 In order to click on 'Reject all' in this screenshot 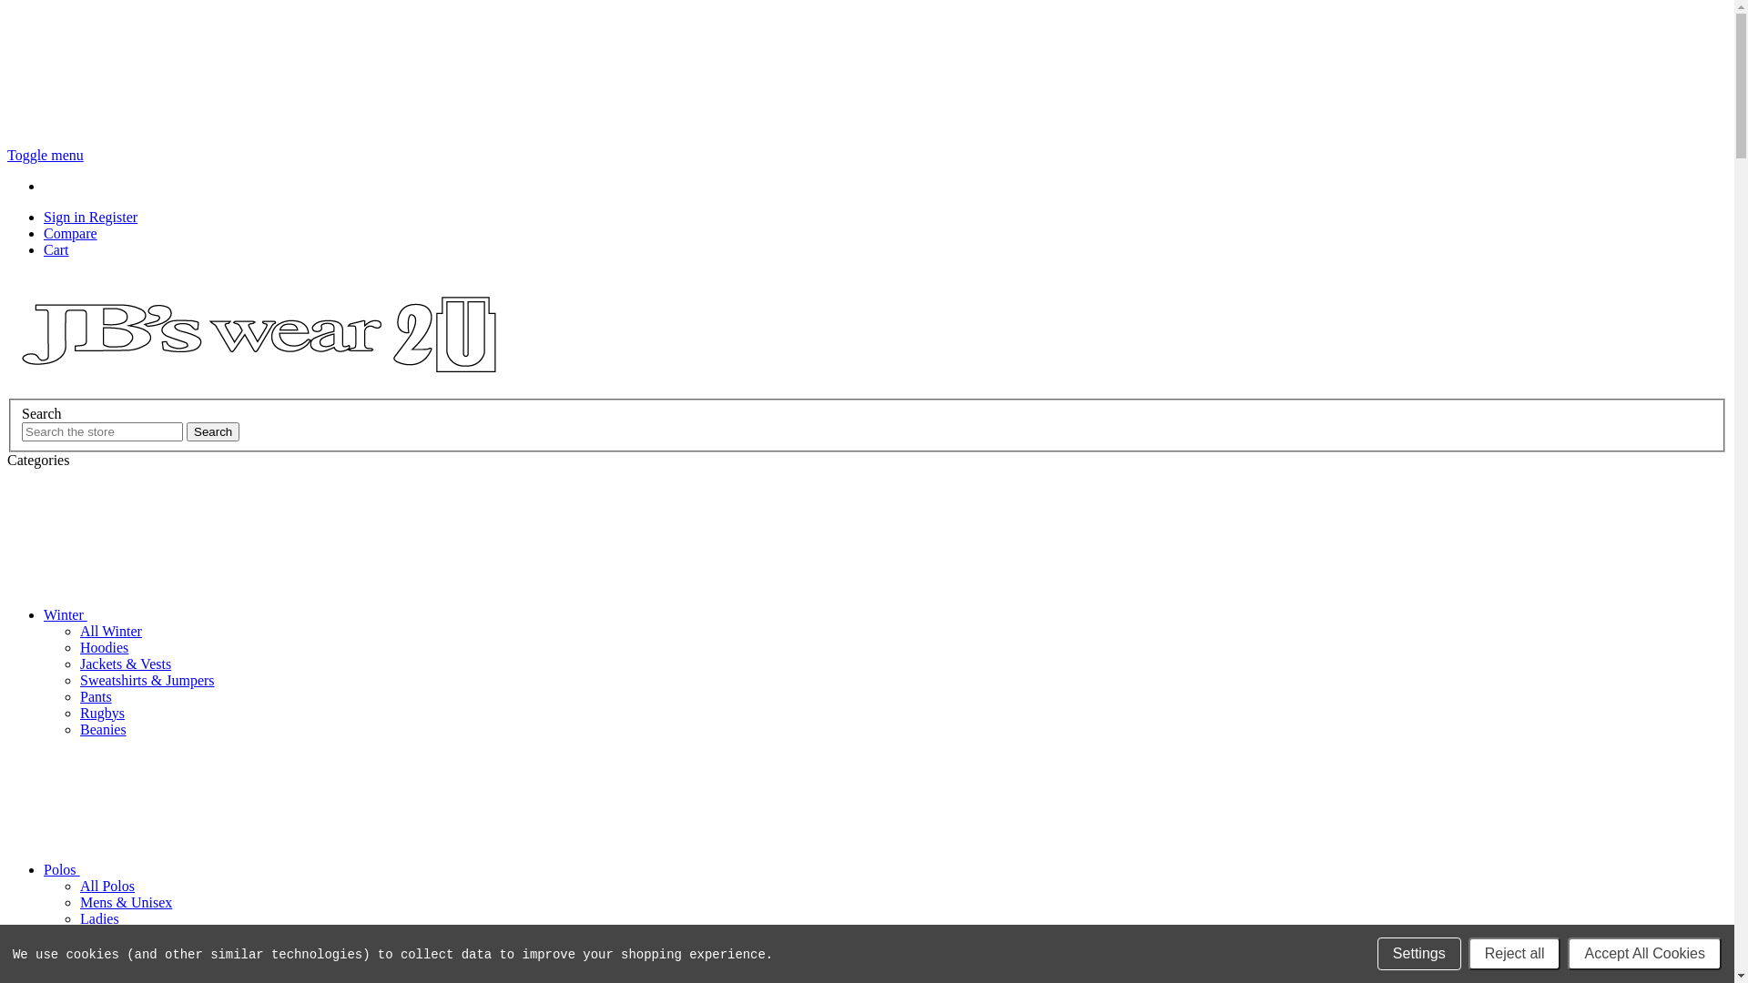, I will do `click(1515, 953)`.